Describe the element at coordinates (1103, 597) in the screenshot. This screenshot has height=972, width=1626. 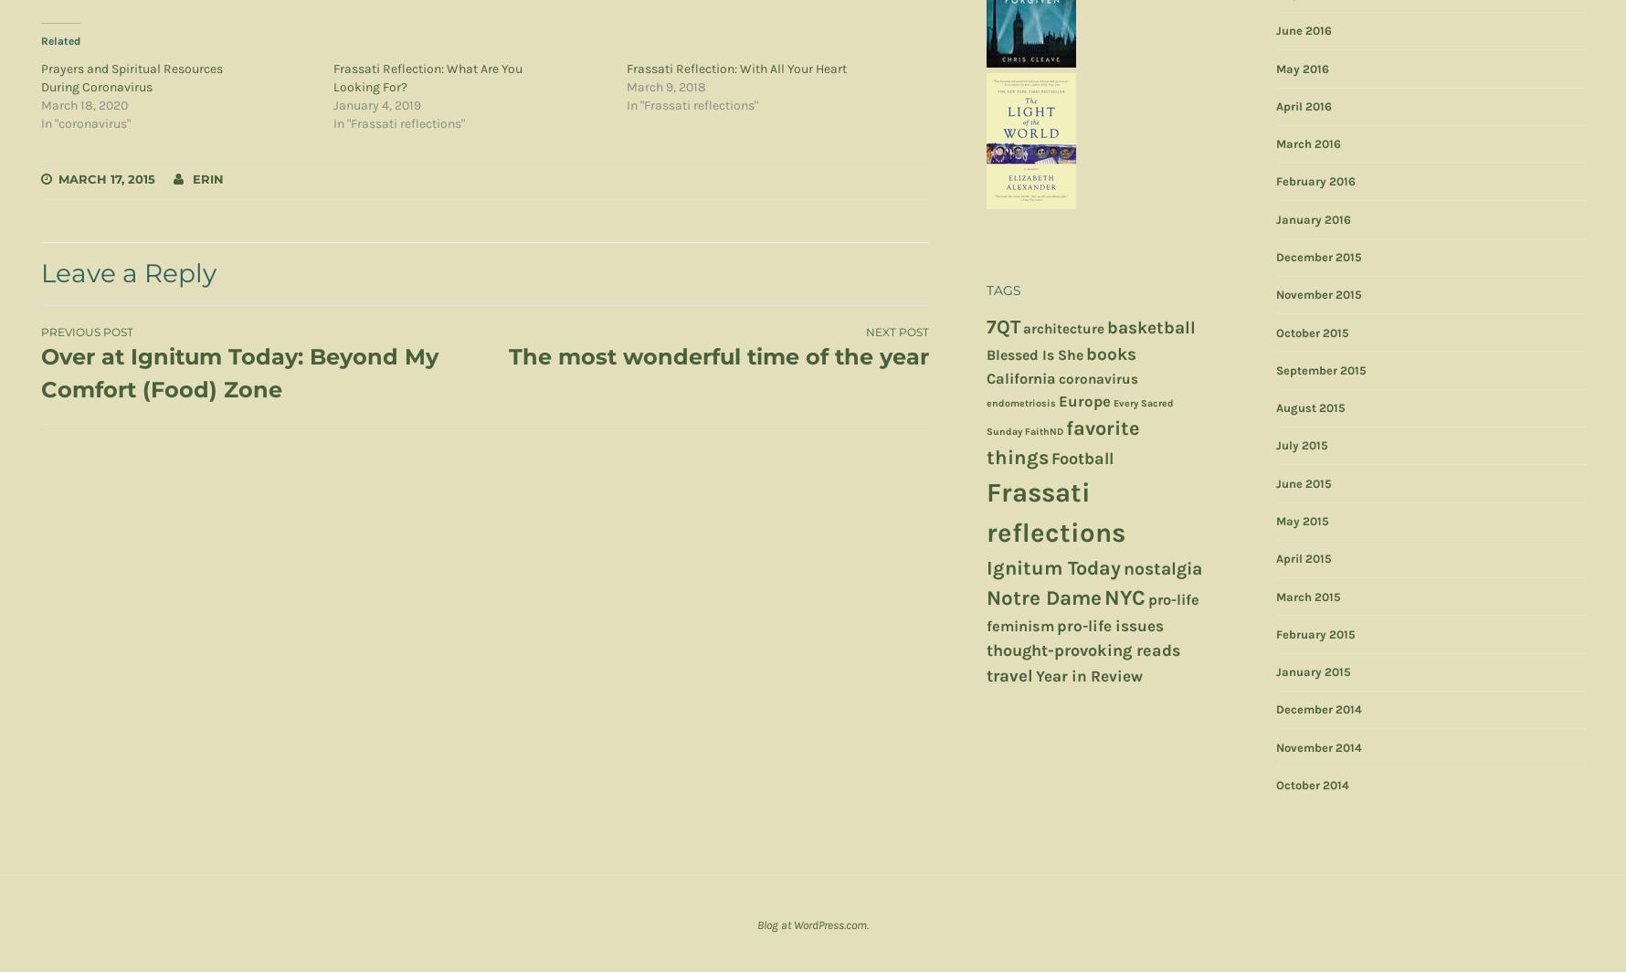
I see `'NYC'` at that location.